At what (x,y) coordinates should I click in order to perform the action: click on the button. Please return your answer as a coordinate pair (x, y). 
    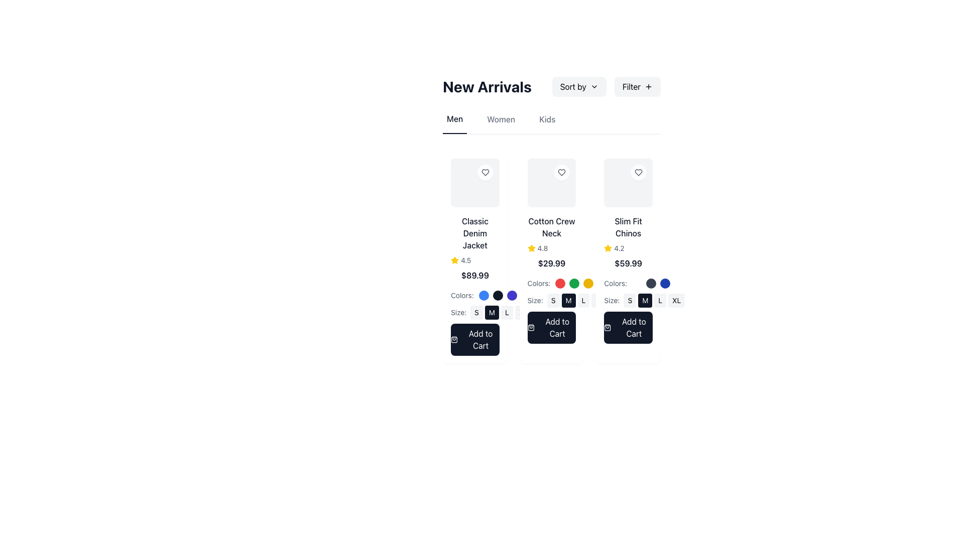
    Looking at the image, I should click on (628, 327).